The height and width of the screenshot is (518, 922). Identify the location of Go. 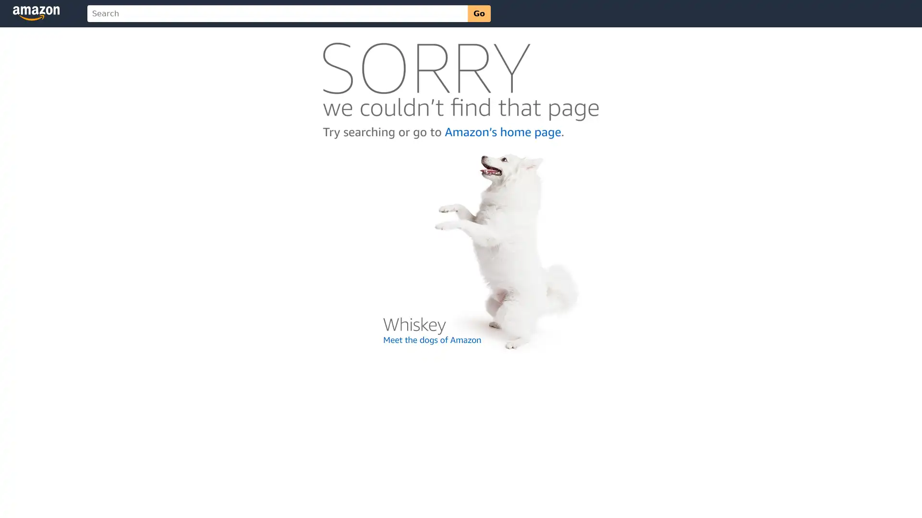
(479, 13).